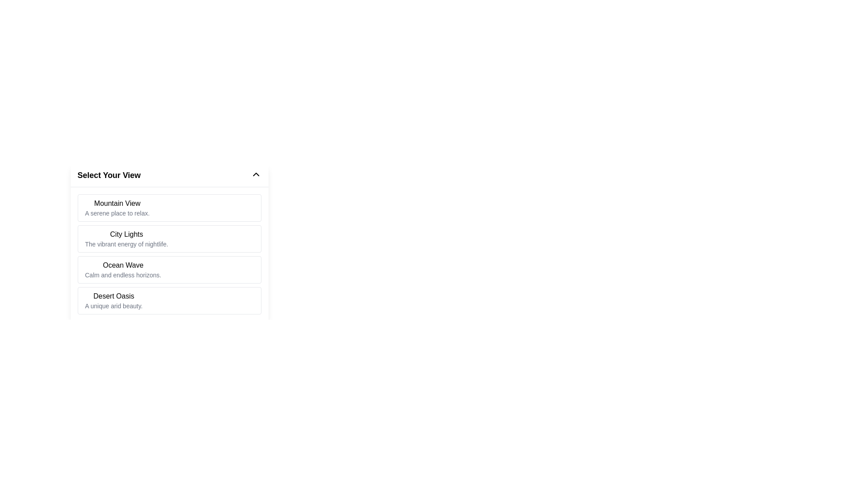 The height and width of the screenshot is (477, 848). What do you see at coordinates (113, 300) in the screenshot?
I see `the fourth option in the selection menu, 'Desert Oasis'` at bounding box center [113, 300].